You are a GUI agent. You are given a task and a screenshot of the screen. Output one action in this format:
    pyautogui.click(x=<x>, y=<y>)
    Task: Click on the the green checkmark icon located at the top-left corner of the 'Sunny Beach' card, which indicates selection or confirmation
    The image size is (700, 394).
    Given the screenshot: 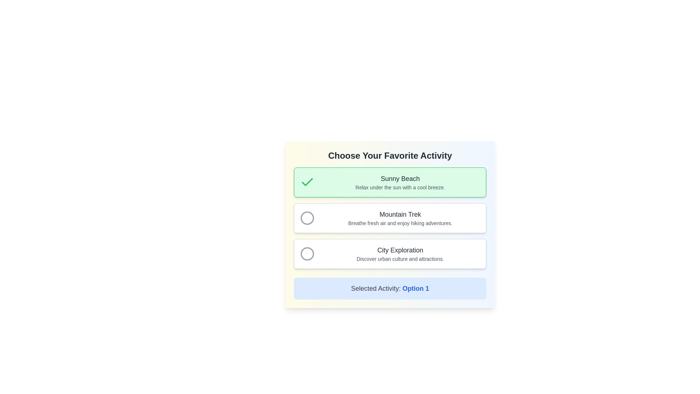 What is the action you would take?
    pyautogui.click(x=307, y=182)
    